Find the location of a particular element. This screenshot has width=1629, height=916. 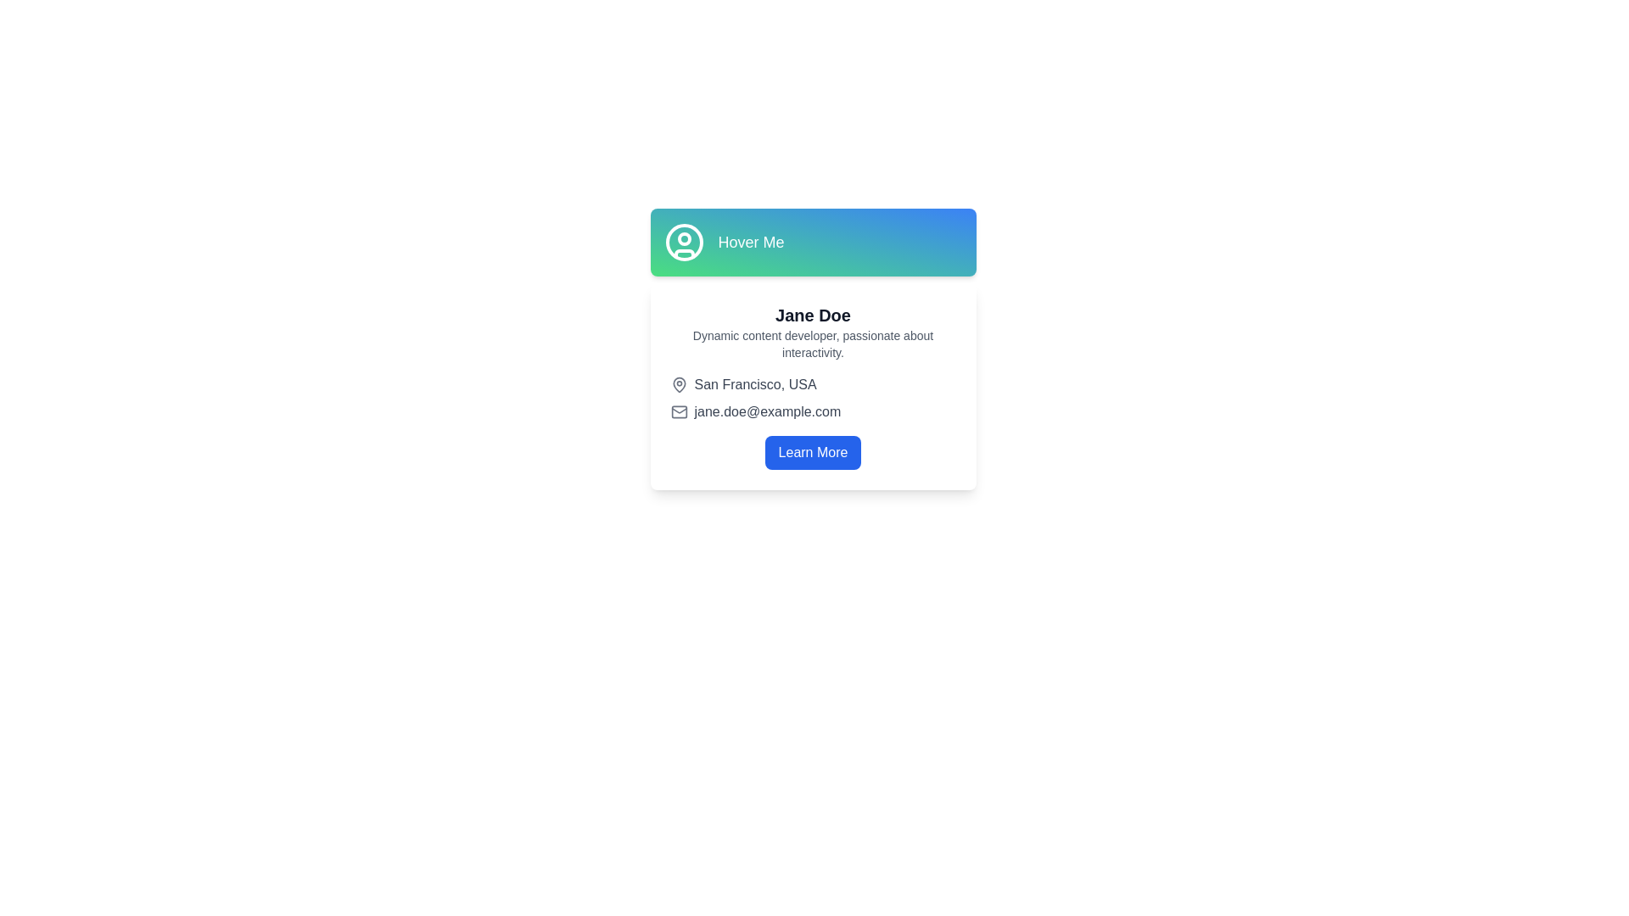

the button located at the bottom of the card describing 'Jane Doe' is located at coordinates (812, 451).